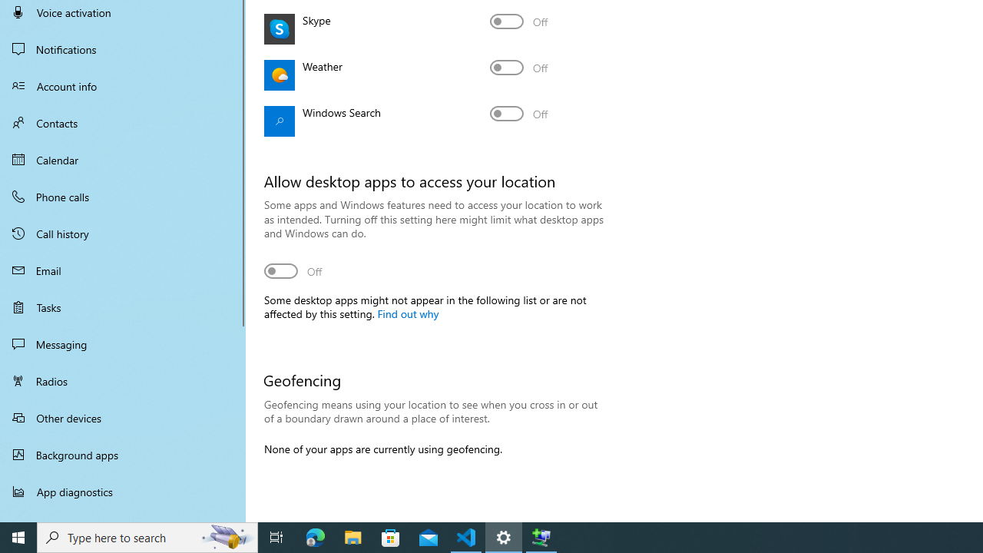 Image resolution: width=983 pixels, height=553 pixels. Describe the element at coordinates (123, 233) in the screenshot. I see `'Call history'` at that location.